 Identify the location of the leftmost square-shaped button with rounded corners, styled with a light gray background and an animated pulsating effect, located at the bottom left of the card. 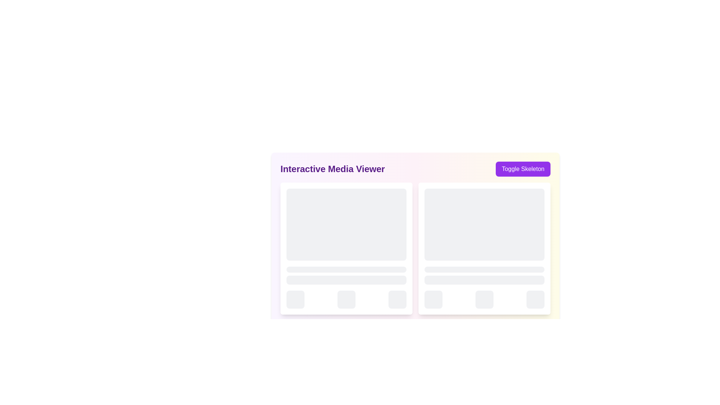
(295, 299).